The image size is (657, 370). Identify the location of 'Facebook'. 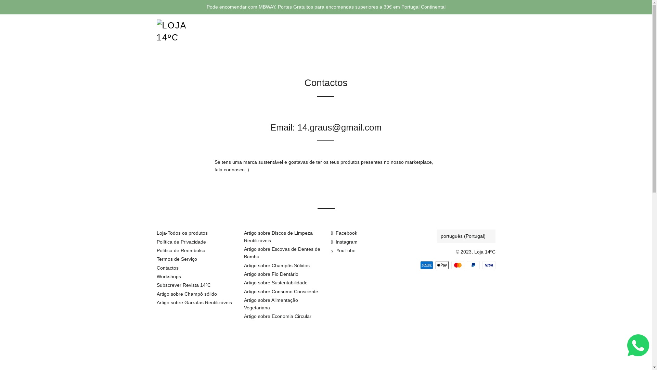
(344, 232).